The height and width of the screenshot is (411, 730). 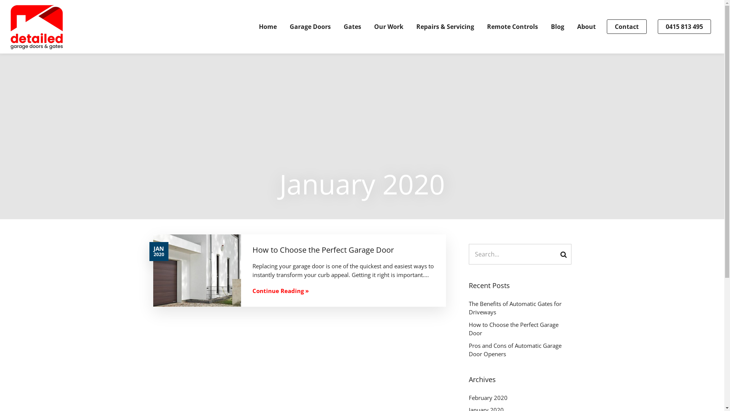 What do you see at coordinates (627, 26) in the screenshot?
I see `'Contact'` at bounding box center [627, 26].